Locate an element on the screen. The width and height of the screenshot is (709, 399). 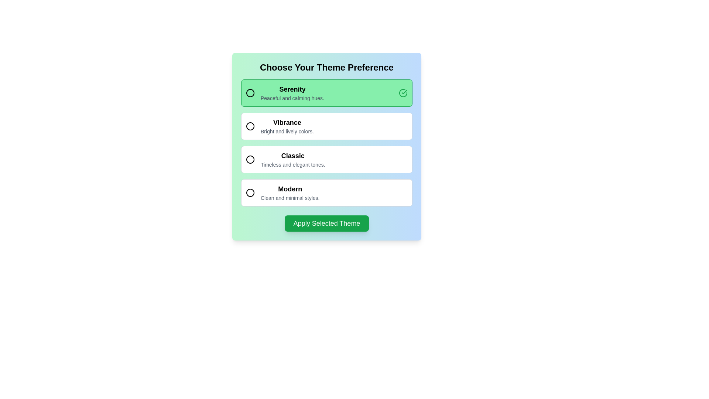
the text label reading 'Timeless and elegant tones.' located beneath the 'Classic' title in the theme selection options is located at coordinates (292, 164).